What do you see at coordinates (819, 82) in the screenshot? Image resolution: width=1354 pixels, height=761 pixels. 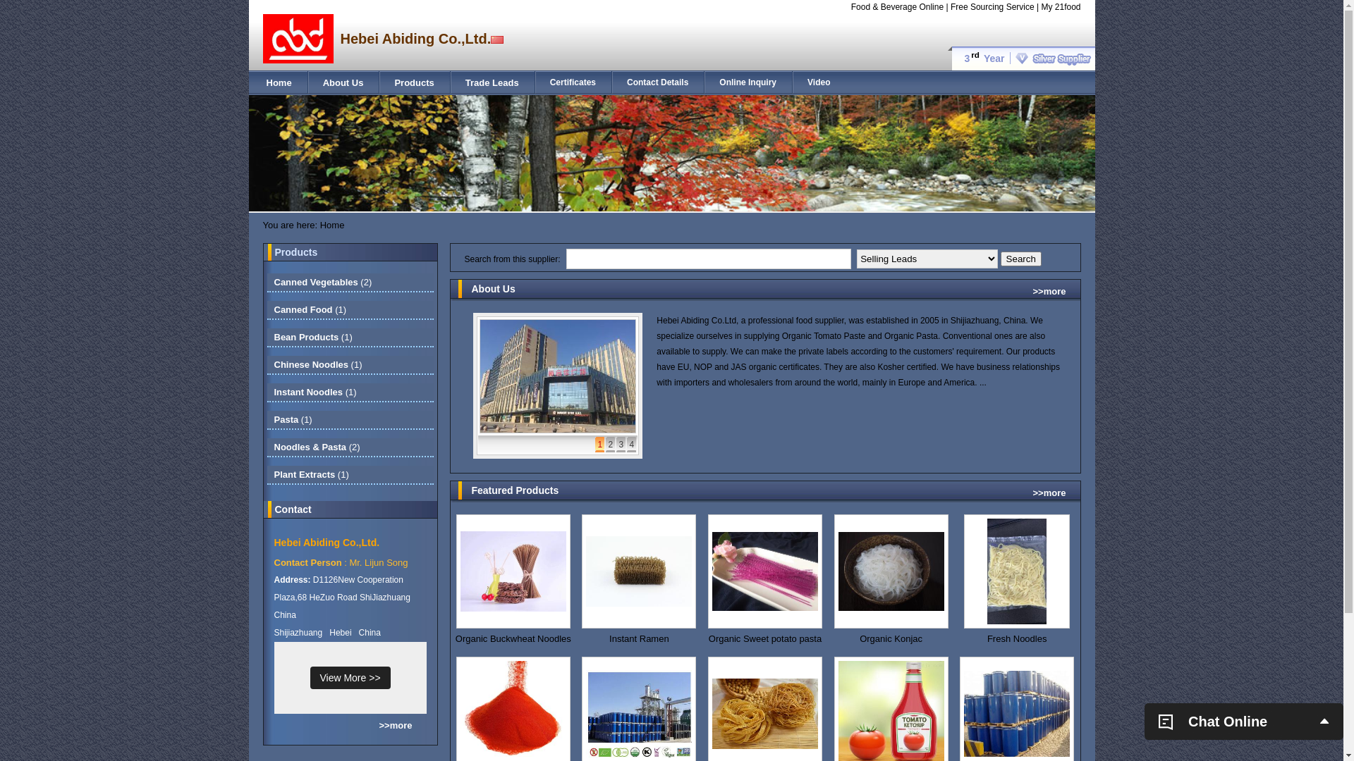 I see `'Video'` at bounding box center [819, 82].